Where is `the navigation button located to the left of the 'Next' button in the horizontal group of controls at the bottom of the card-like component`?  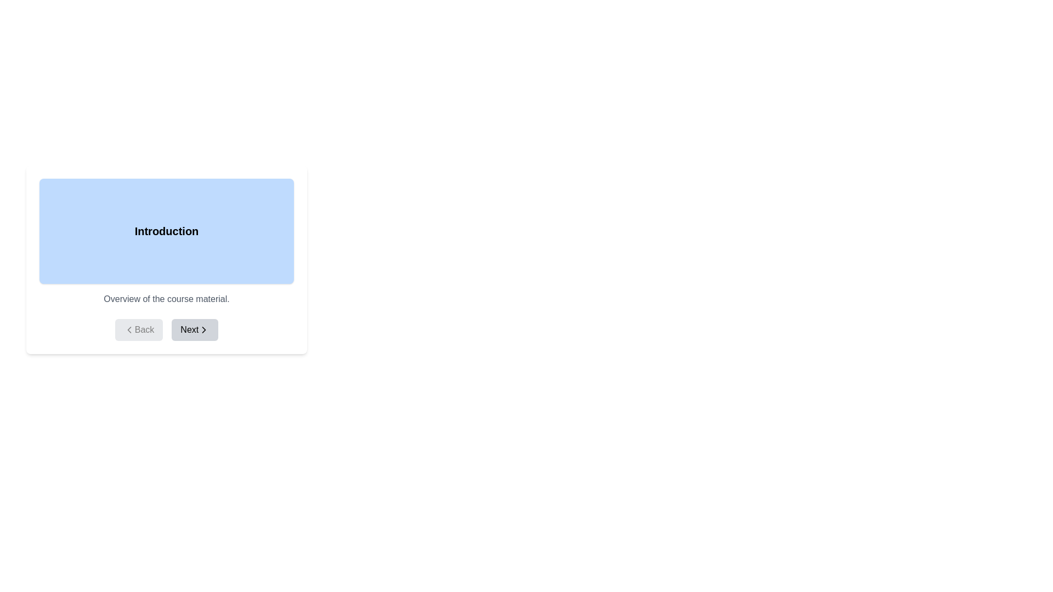
the navigation button located to the left of the 'Next' button in the horizontal group of controls at the bottom of the card-like component is located at coordinates (138, 329).